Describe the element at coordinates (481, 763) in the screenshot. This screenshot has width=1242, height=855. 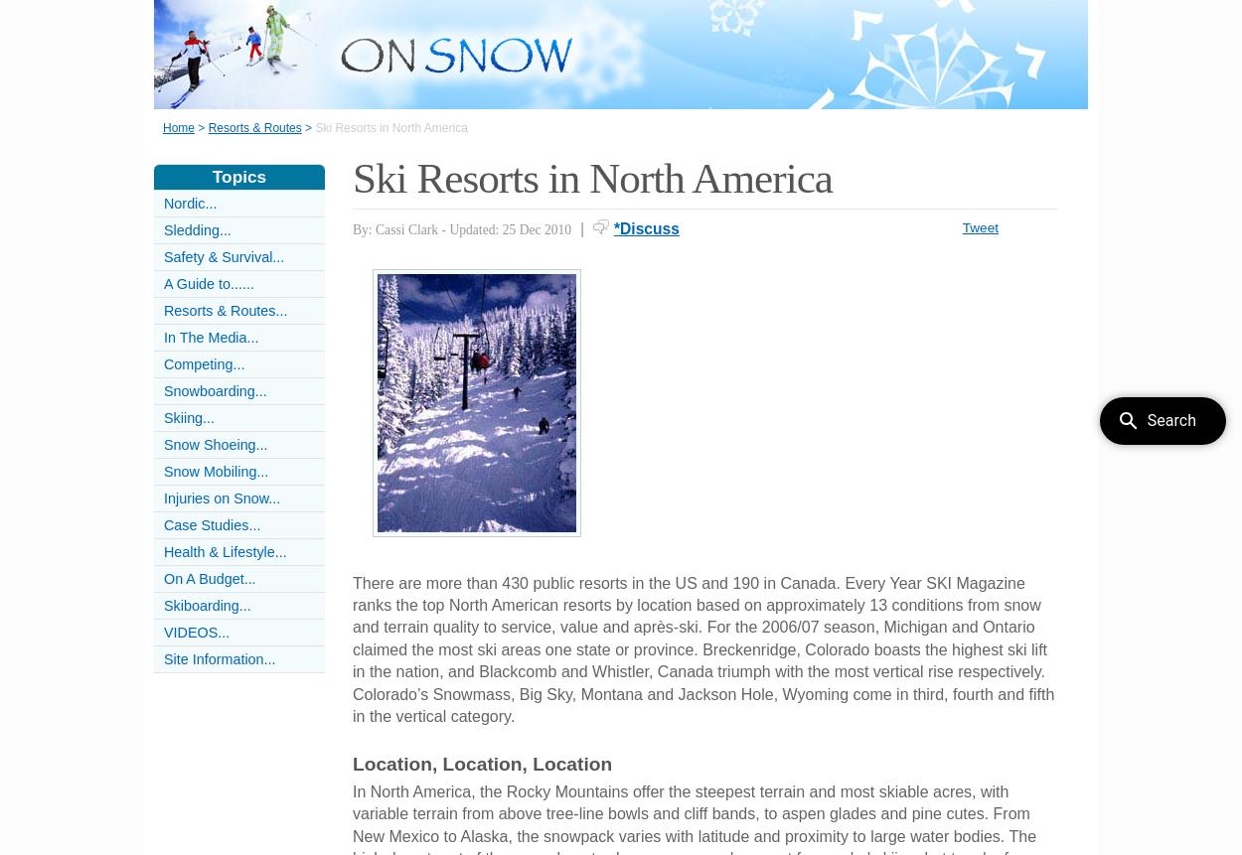
I see `'Location, Location, Location'` at that location.